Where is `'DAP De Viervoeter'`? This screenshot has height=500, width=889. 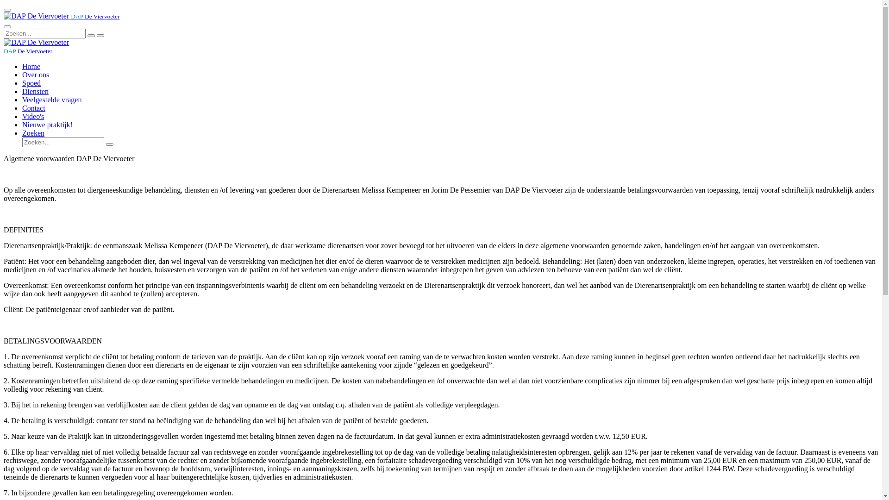 'DAP De Viervoeter' is located at coordinates (4, 50).